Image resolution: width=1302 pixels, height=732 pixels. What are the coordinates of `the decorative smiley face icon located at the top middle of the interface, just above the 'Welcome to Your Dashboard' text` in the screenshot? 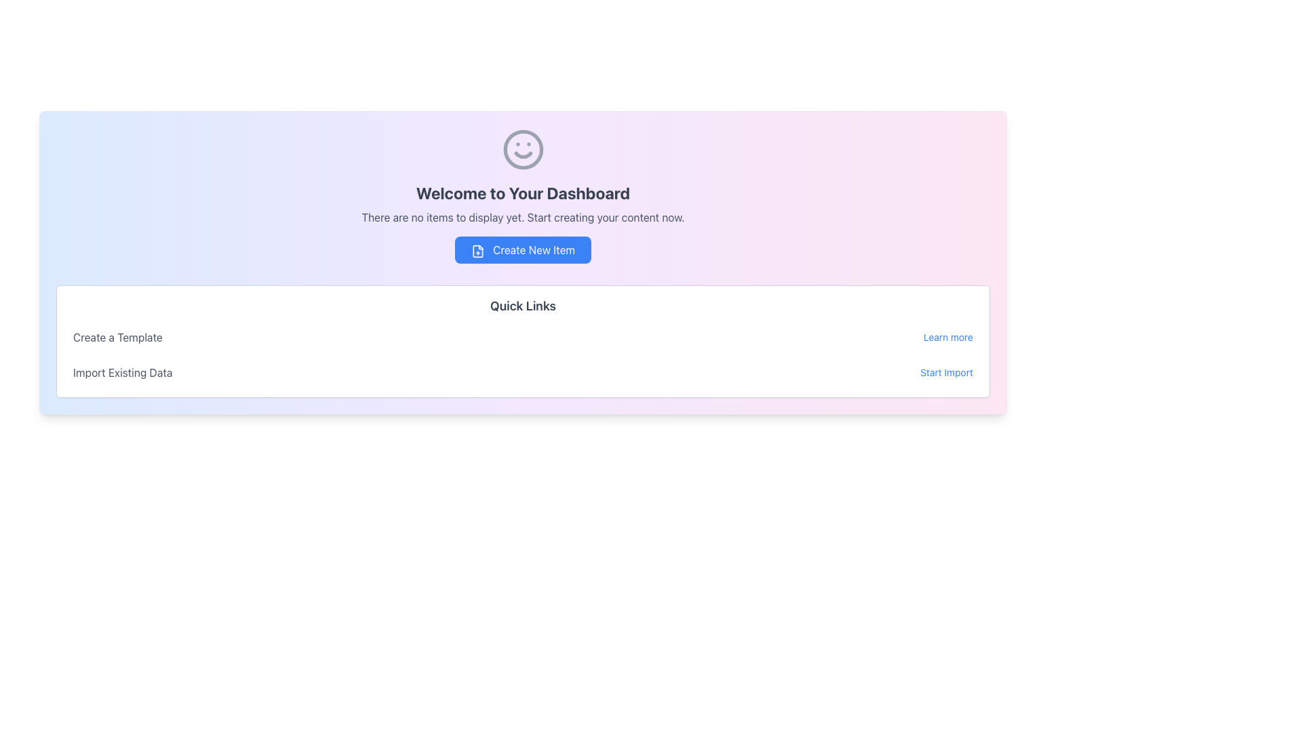 It's located at (522, 149).